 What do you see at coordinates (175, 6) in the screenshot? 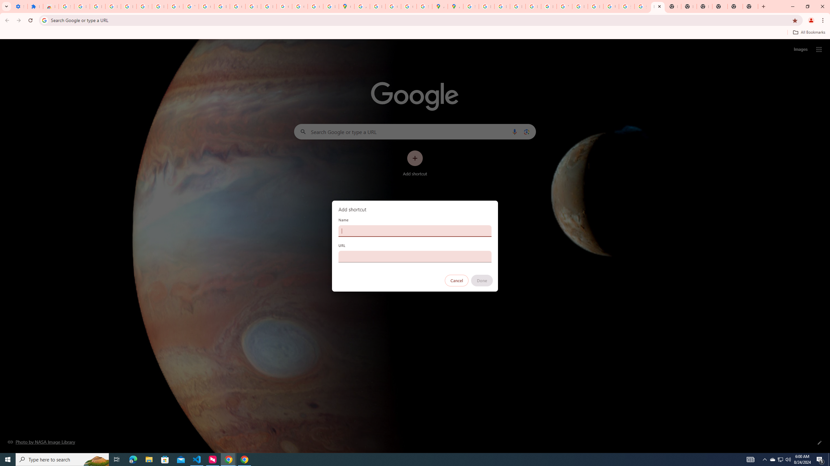
I see `'Google Account'` at bounding box center [175, 6].